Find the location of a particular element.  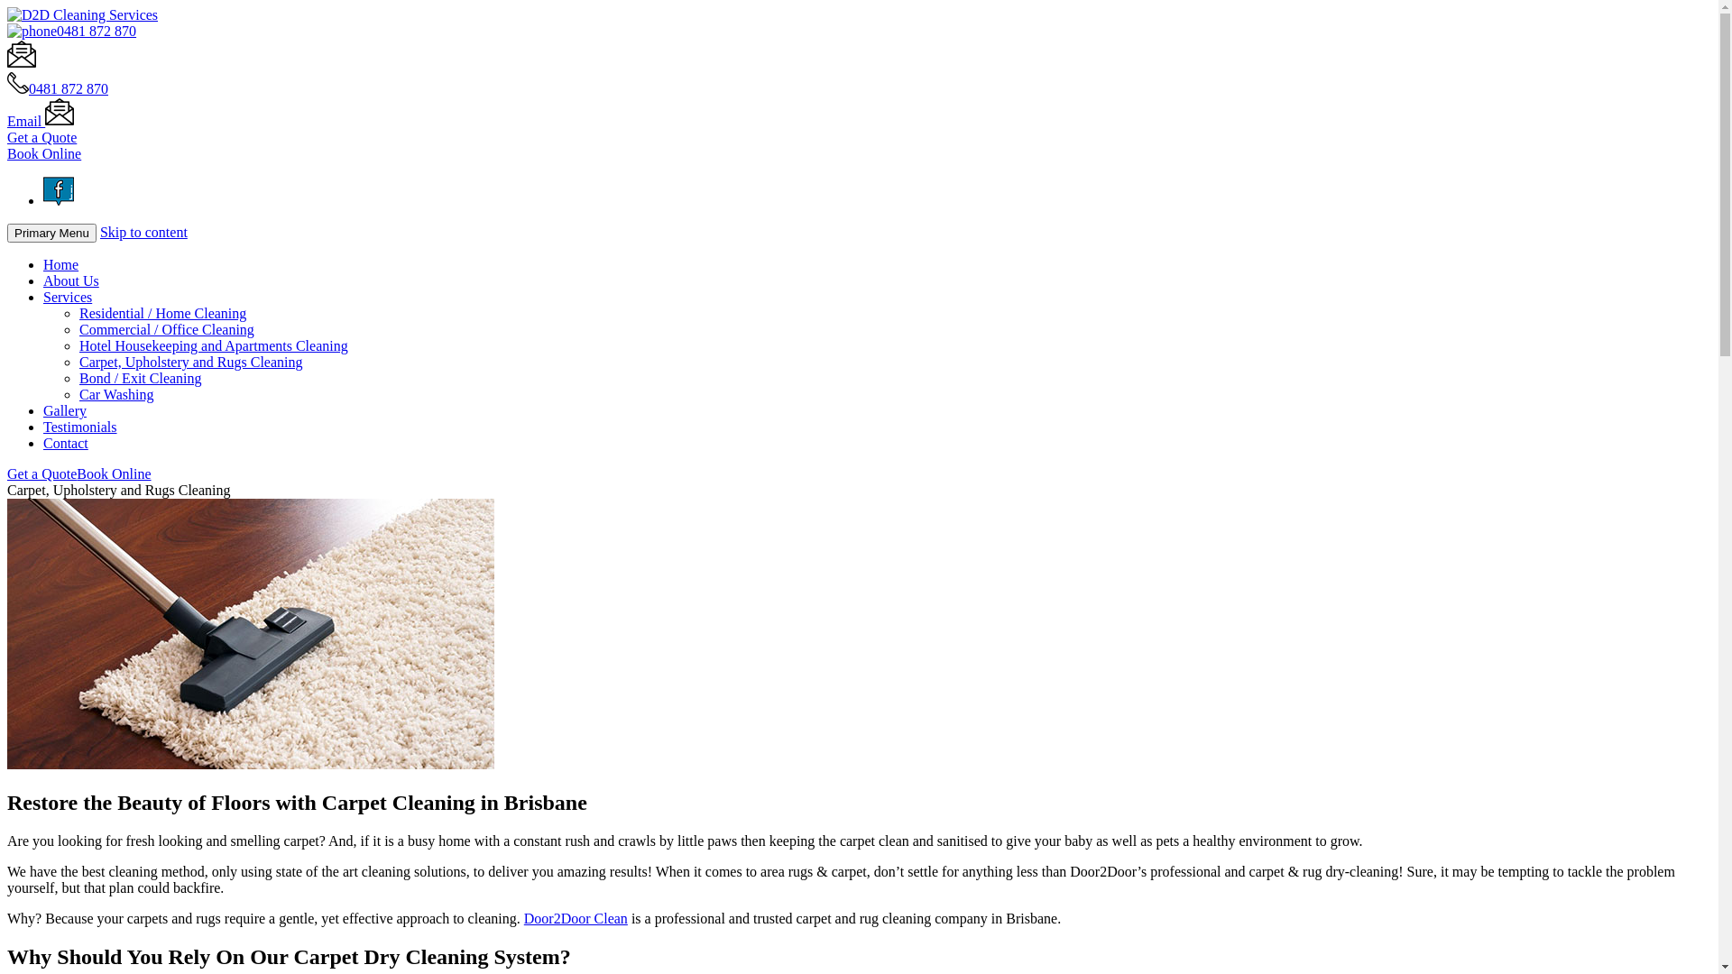

'Bond / Exit Cleaning' is located at coordinates (140, 377).